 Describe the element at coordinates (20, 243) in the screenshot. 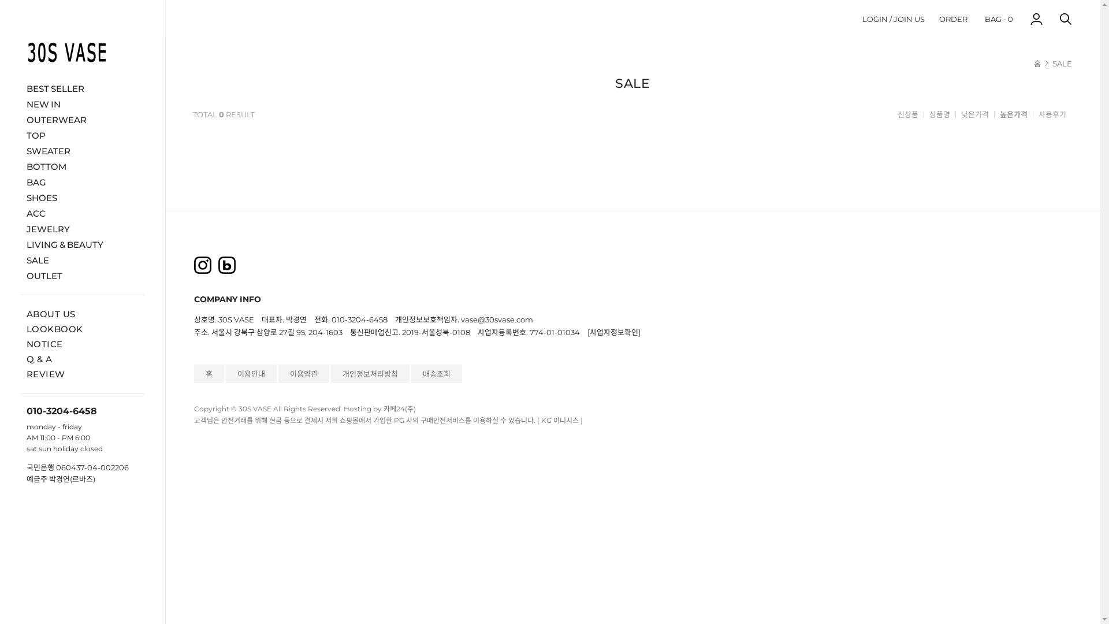

I see `'LIVING & BEAUTY'` at that location.